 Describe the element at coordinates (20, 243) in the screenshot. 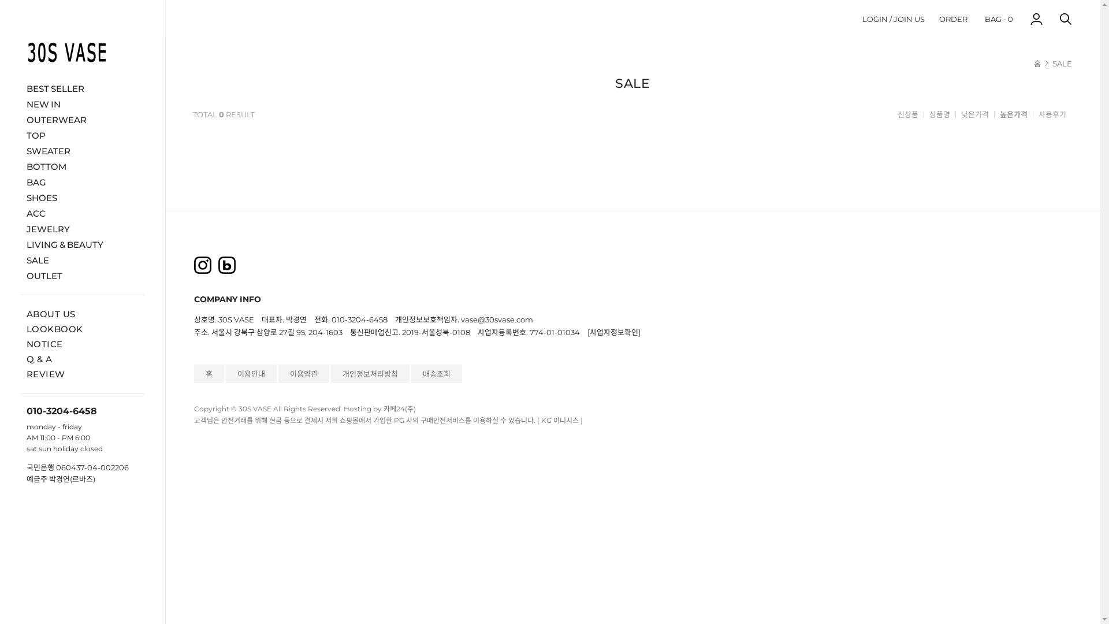

I see `'LIVING & BEAUTY'` at that location.